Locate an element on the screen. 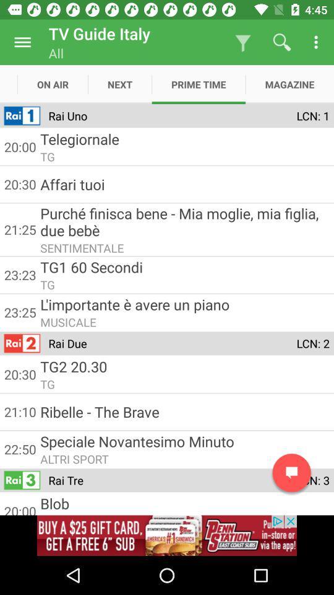 This screenshot has height=595, width=334. start chat is located at coordinates (291, 472).